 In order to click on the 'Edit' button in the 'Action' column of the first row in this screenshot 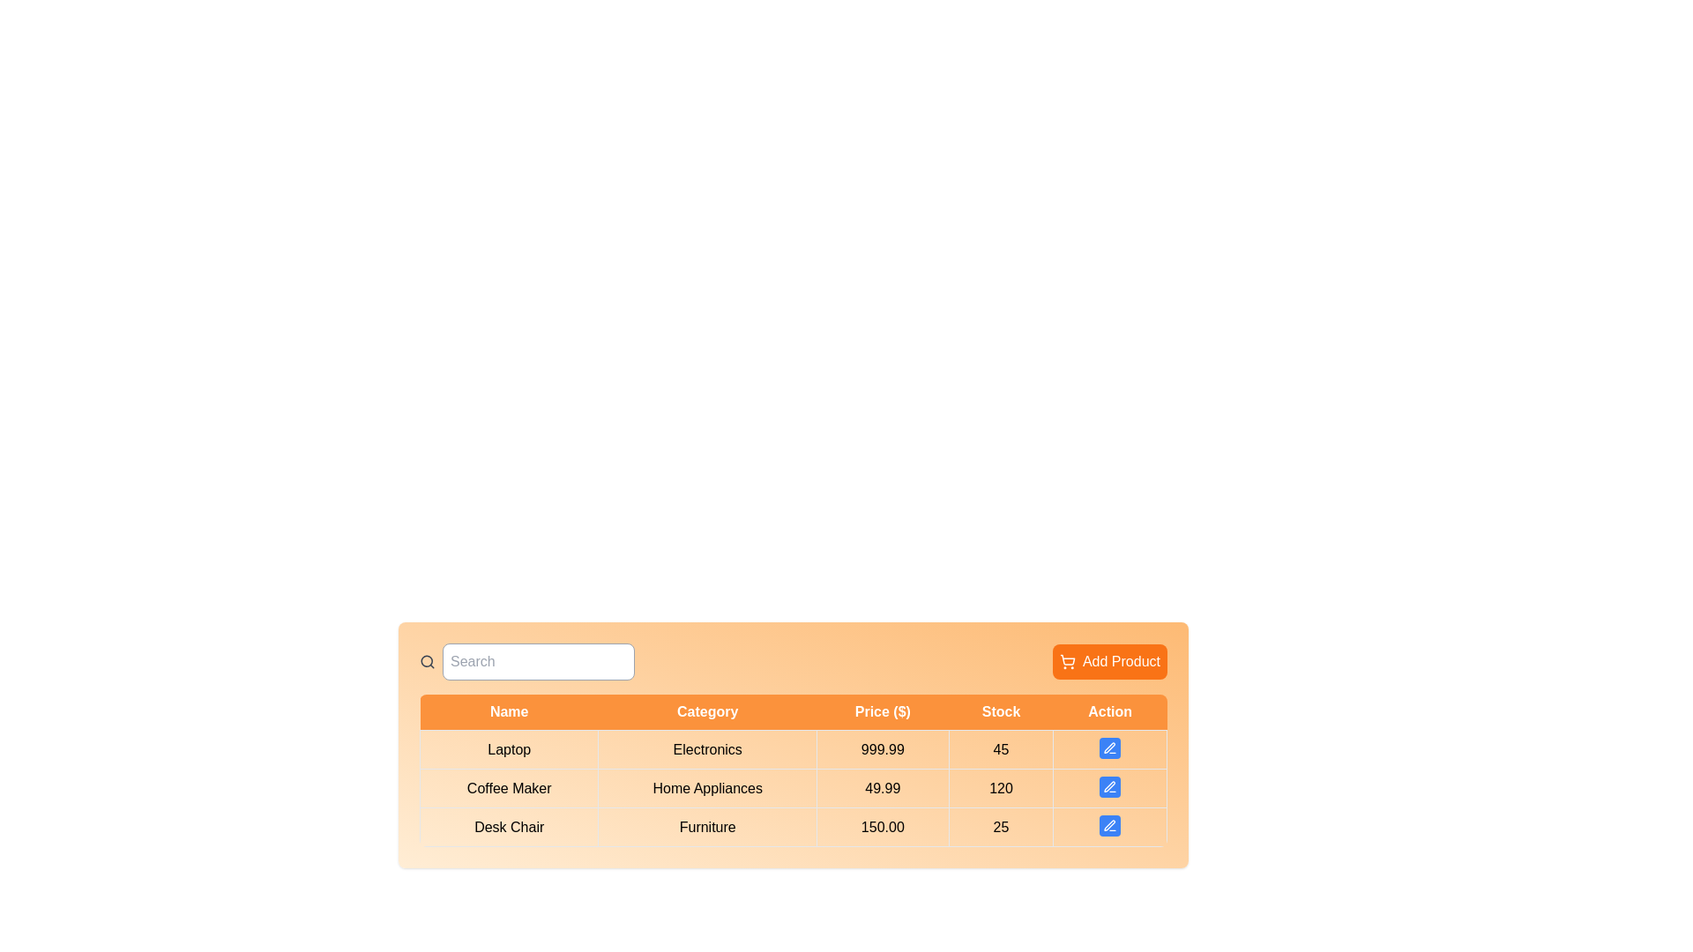, I will do `click(1108, 747)`.